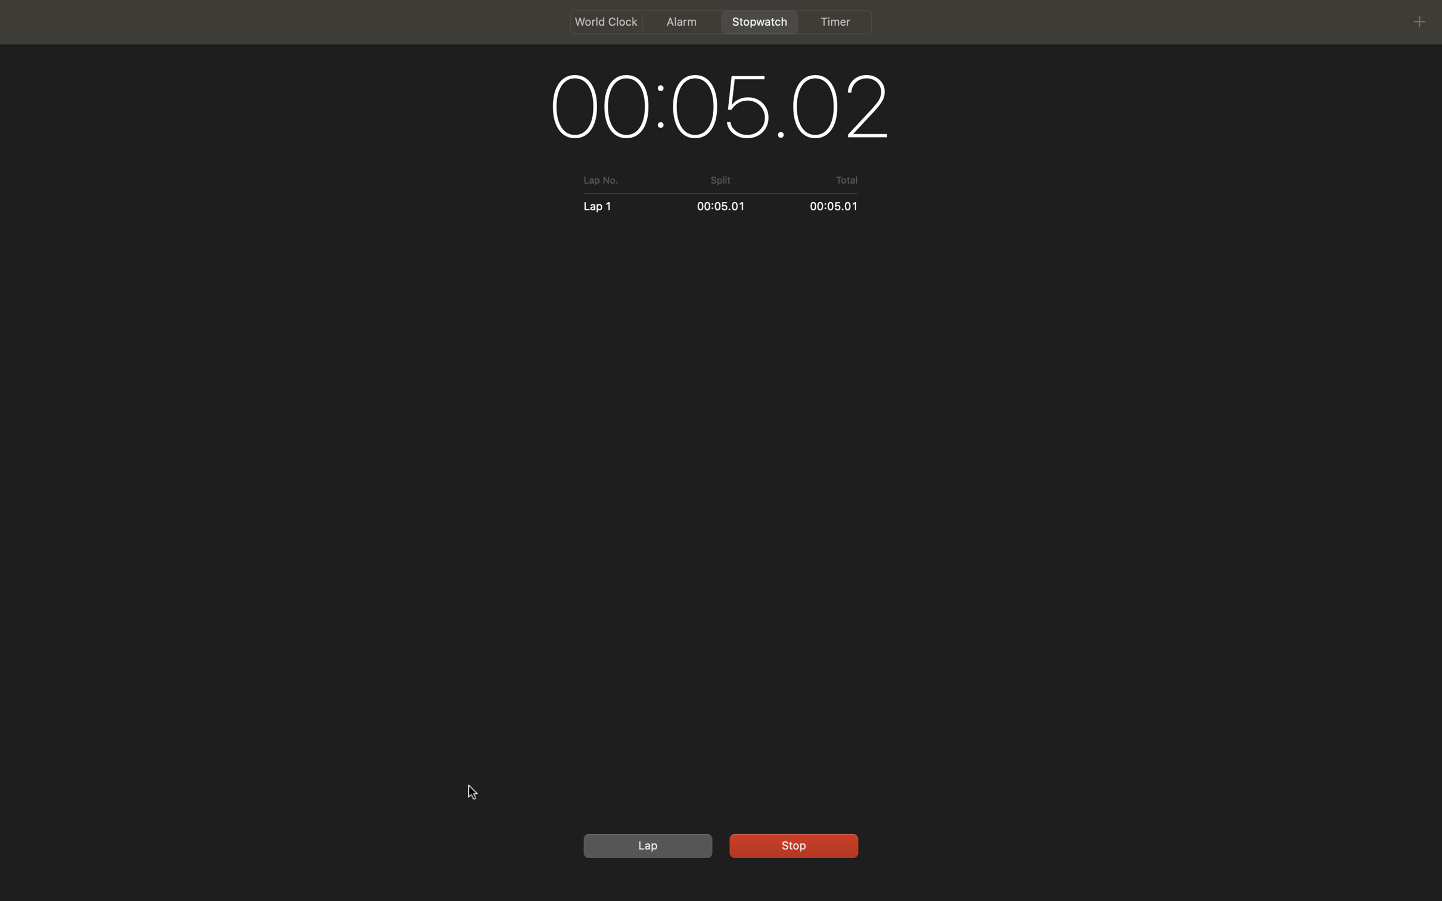 This screenshot has width=1442, height=901. What do you see at coordinates (645, 845) in the screenshot?
I see `Capture a lap time and subsequently stop the timer` at bounding box center [645, 845].